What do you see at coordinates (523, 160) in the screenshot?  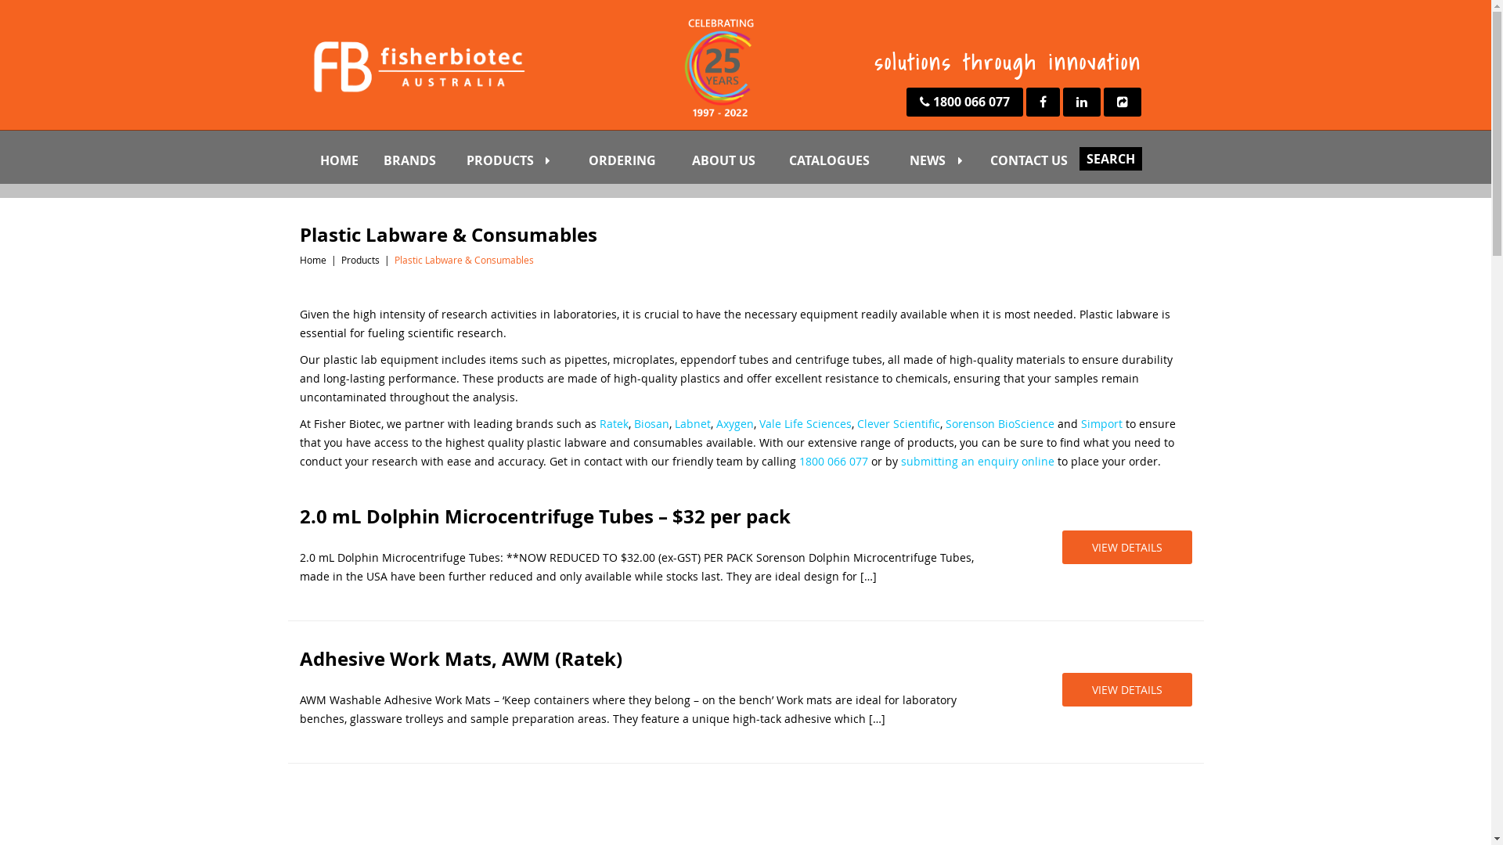 I see `'PRODUCTS'` at bounding box center [523, 160].